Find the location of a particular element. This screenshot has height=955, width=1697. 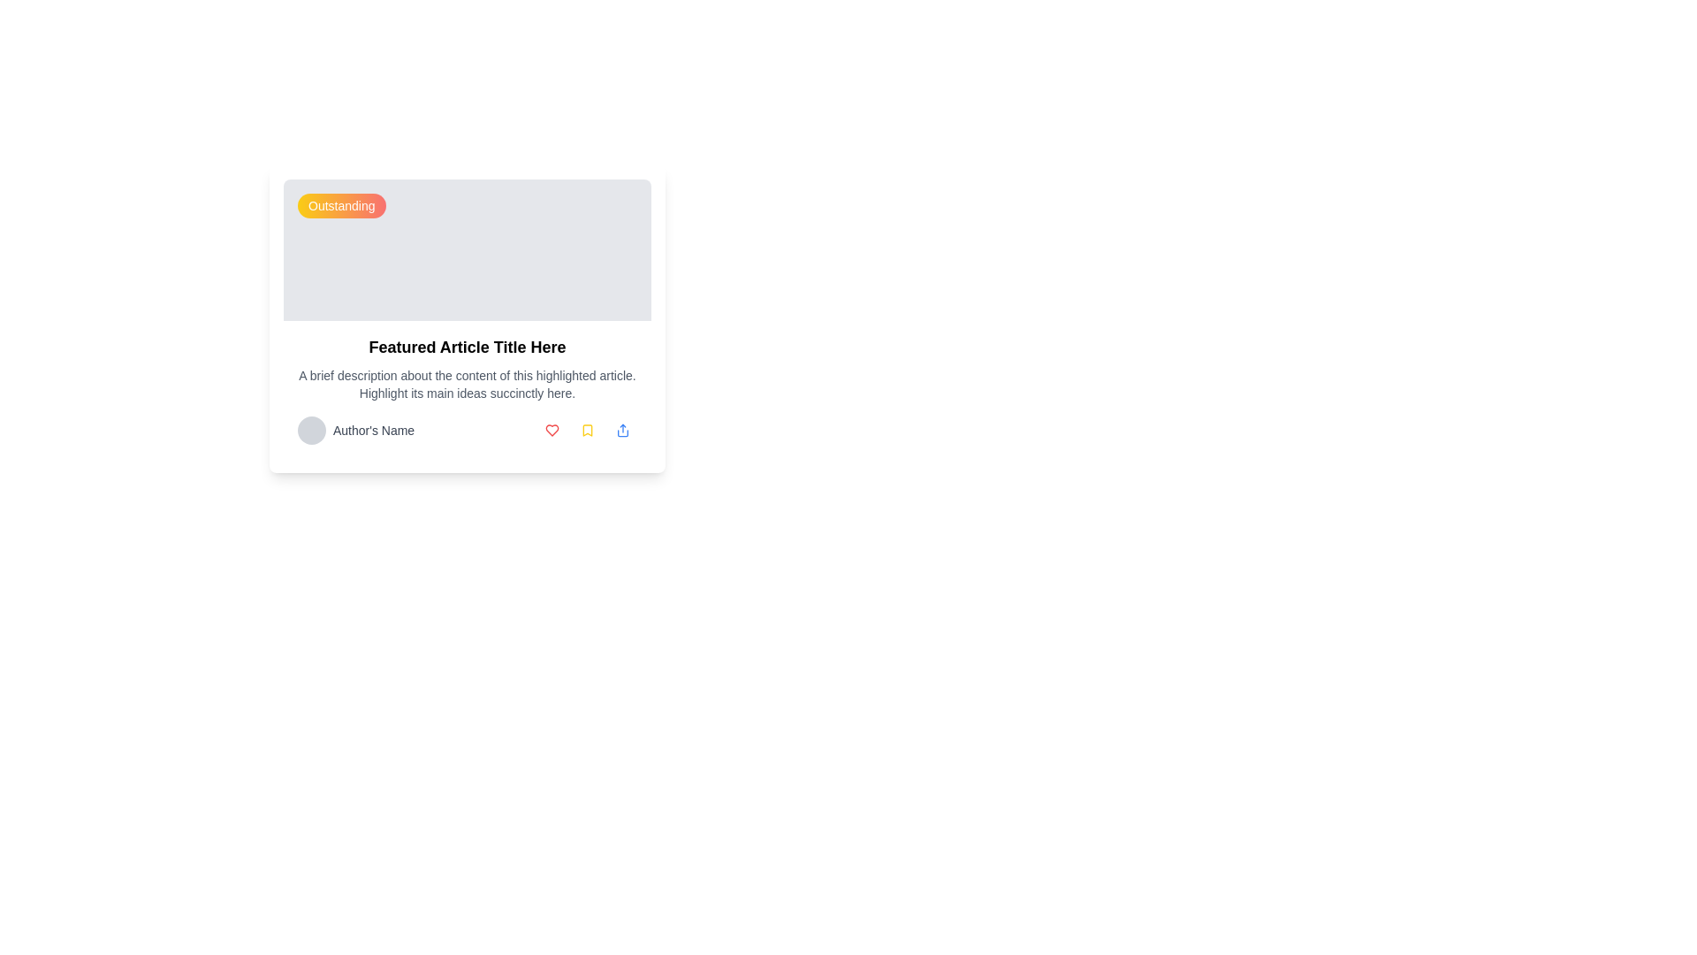

the 'Outstanding' badge label located in the top-left corner of the card layout, which indicates a positive characteristic of an item is located at coordinates (341, 204).